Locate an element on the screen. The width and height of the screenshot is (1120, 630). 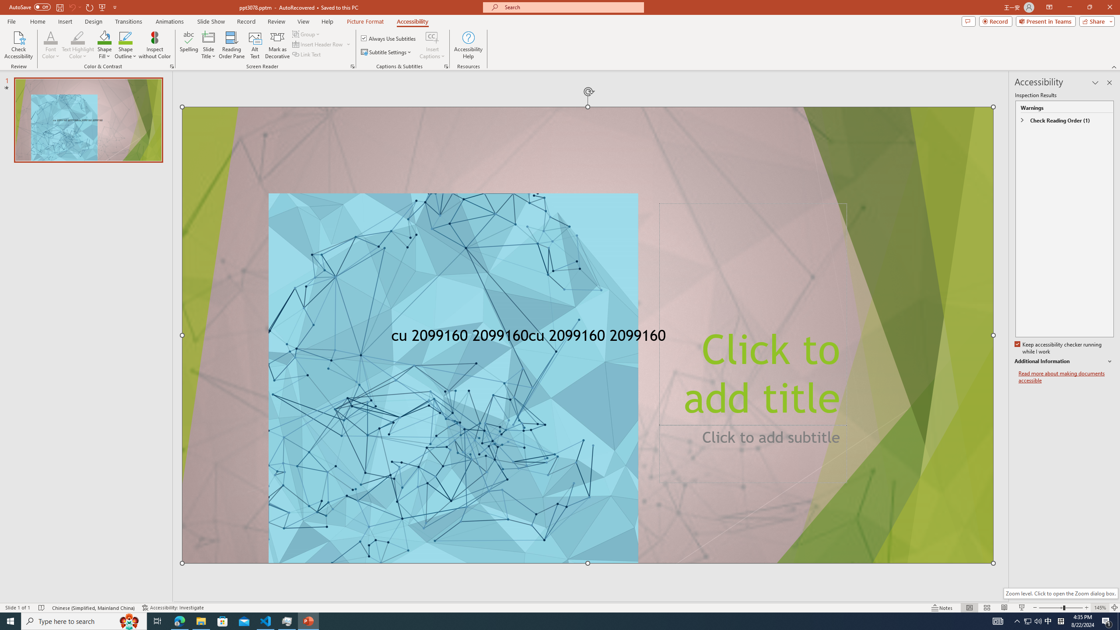
'Slide Title' is located at coordinates (208, 37).